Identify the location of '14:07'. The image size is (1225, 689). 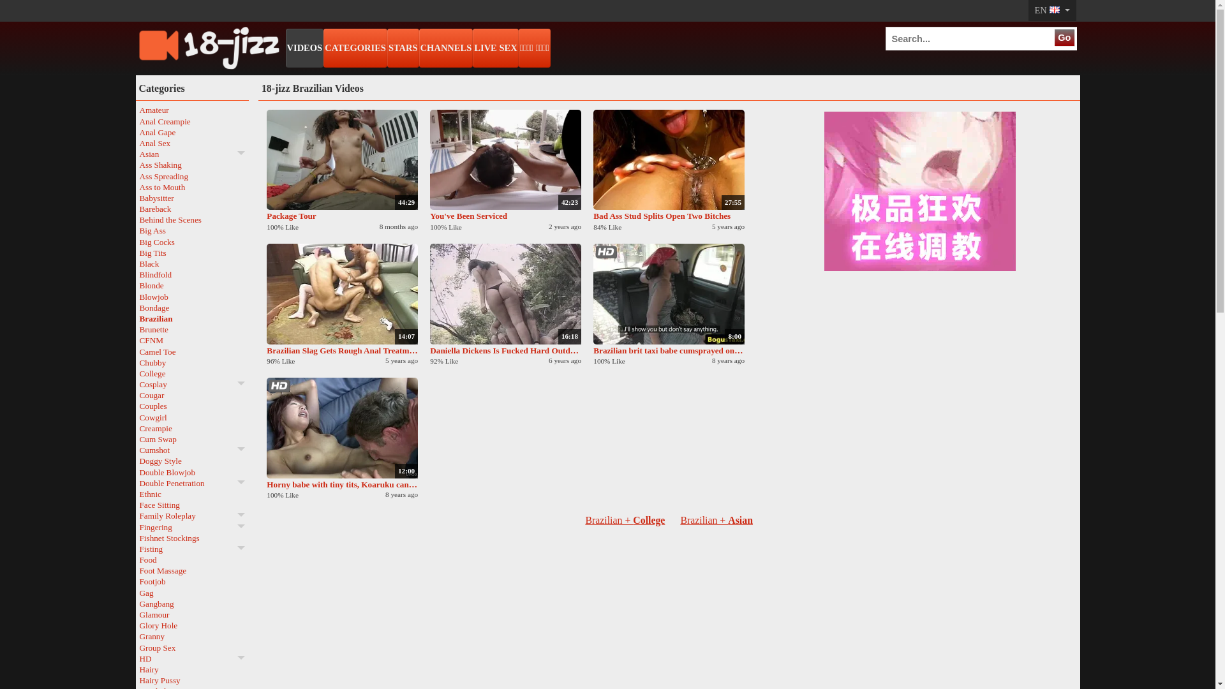
(265, 294).